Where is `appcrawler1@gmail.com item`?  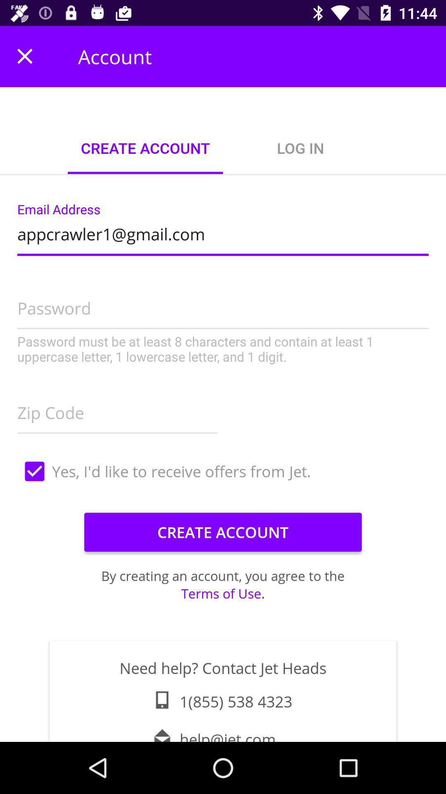 appcrawler1@gmail.com item is located at coordinates (223, 232).